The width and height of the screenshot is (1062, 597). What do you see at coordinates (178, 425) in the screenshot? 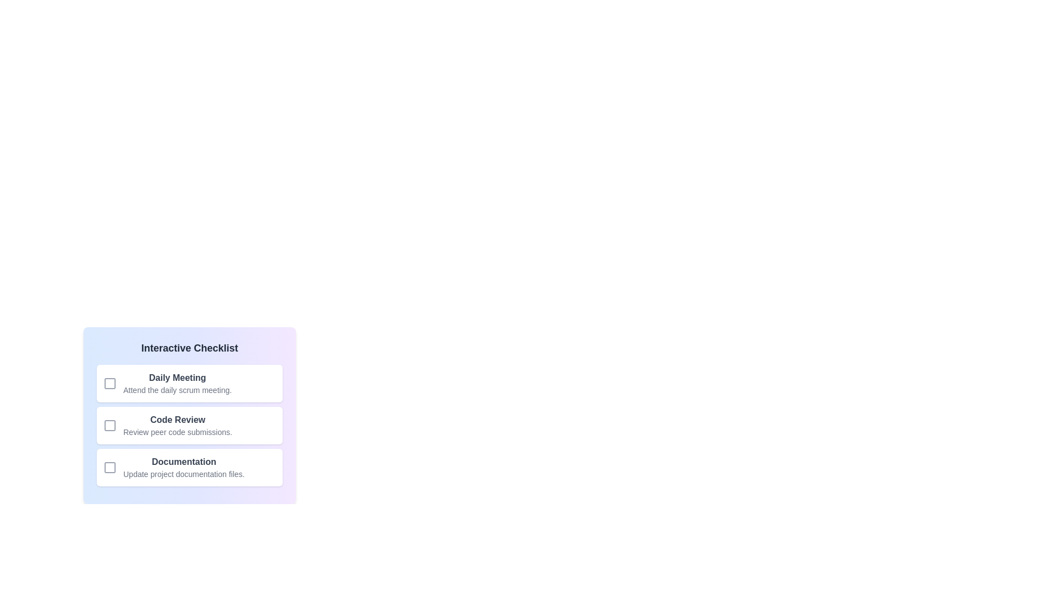
I see `the area near the 'Code Review' text in the checklist` at bounding box center [178, 425].